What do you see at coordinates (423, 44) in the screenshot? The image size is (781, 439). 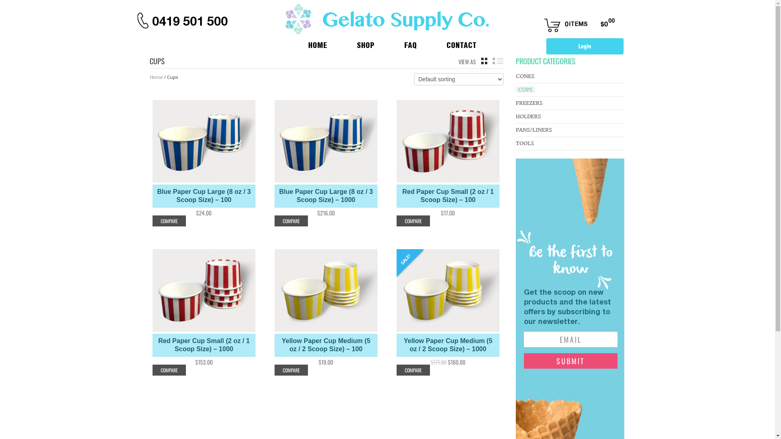 I see `'CONTACT'` at bounding box center [423, 44].